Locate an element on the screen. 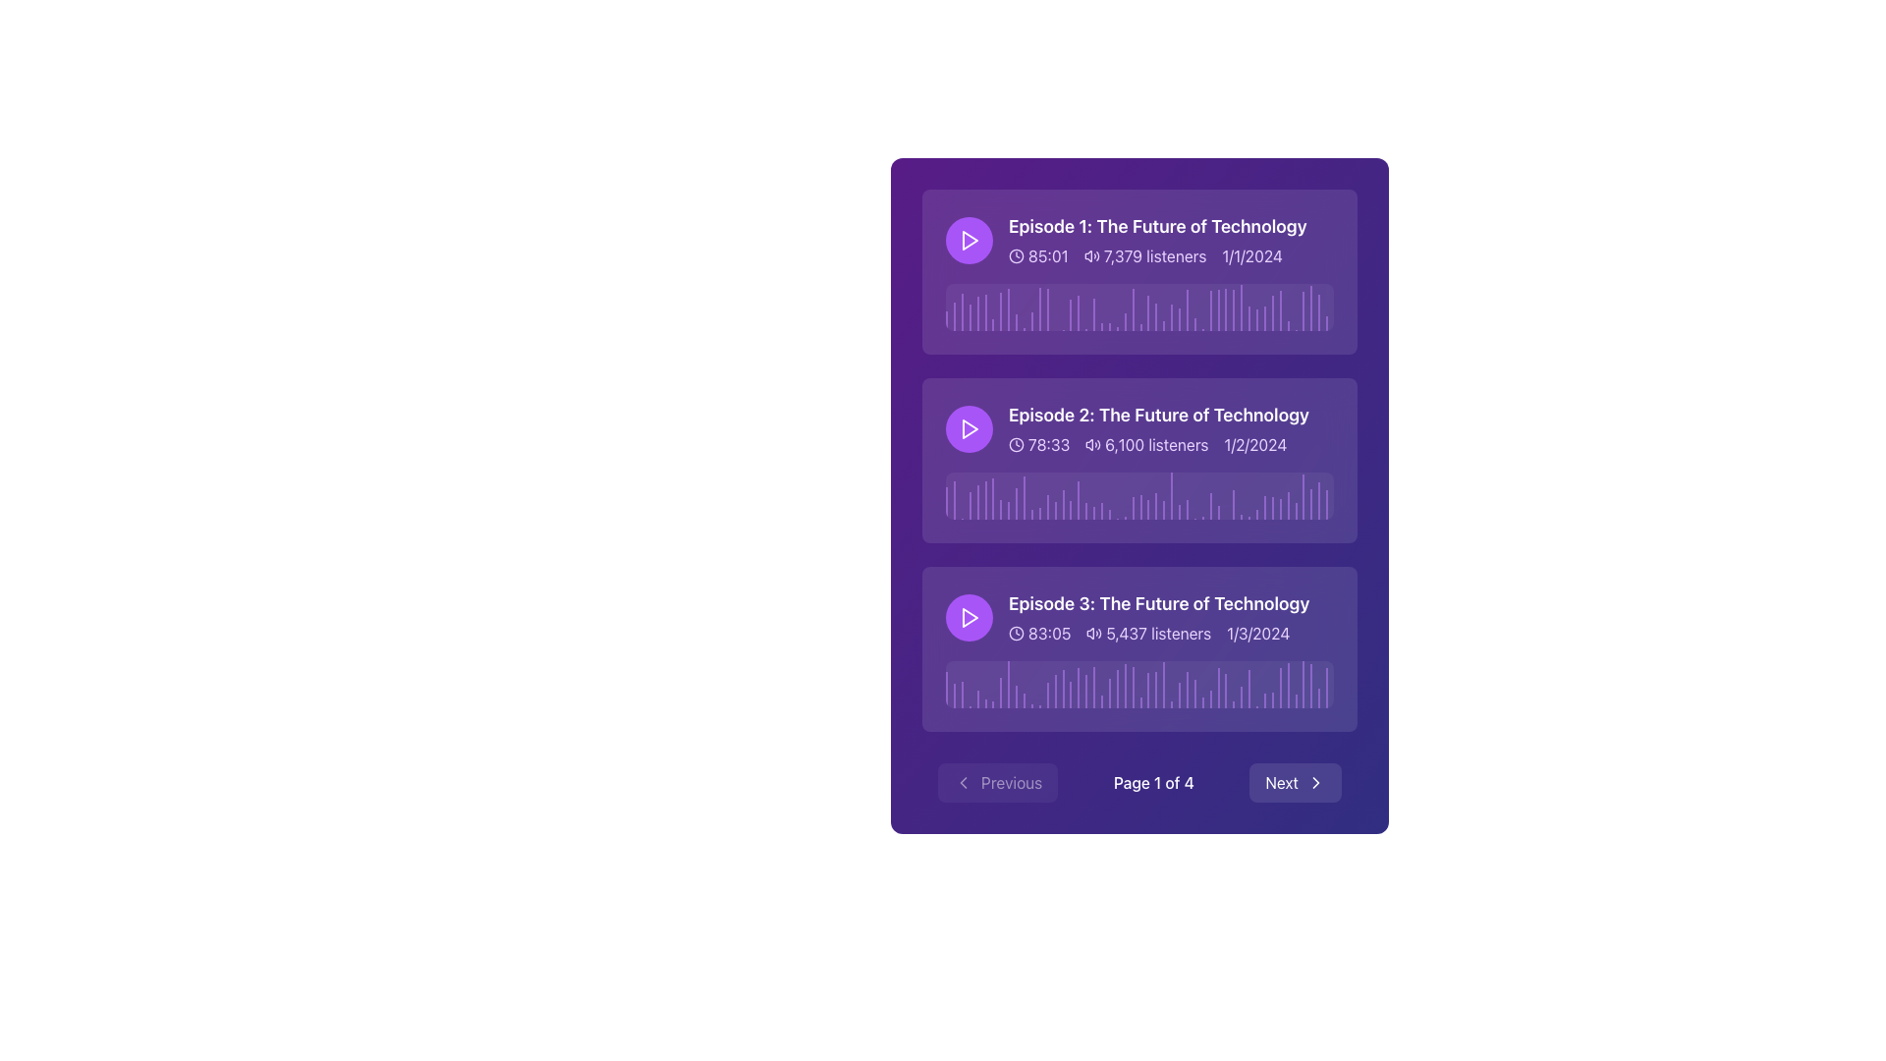  the 'Previous' button which is the leftmost item in the bottom navigation area, featuring a white chevron-left icon and a semi-transparent white background is located at coordinates (998, 782).